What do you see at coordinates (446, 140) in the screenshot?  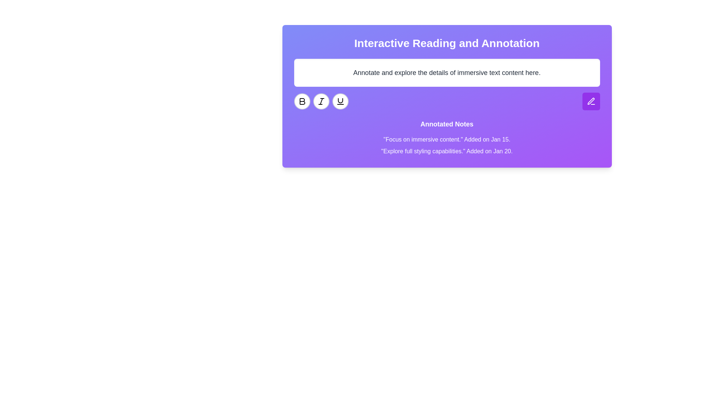 I see `the Text label that serves as a note or annotation, positioned below the 'Annotated Notes' heading and above the item 'Explore full styling capabilities.' Added on Jan 20` at bounding box center [446, 140].